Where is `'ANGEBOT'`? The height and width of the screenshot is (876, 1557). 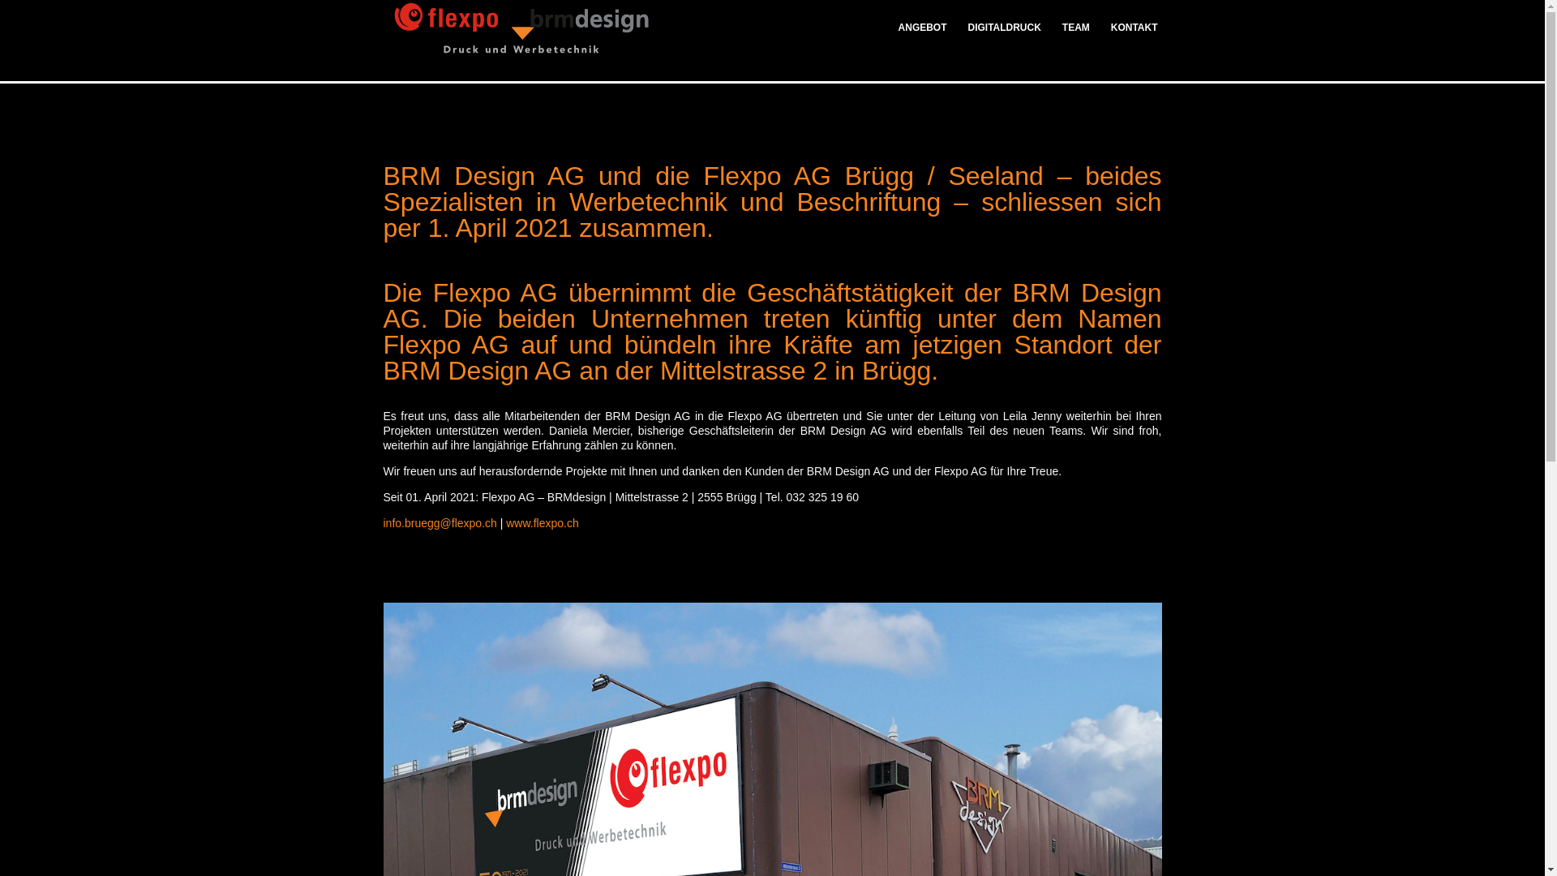 'ANGEBOT' is located at coordinates (928, 39).